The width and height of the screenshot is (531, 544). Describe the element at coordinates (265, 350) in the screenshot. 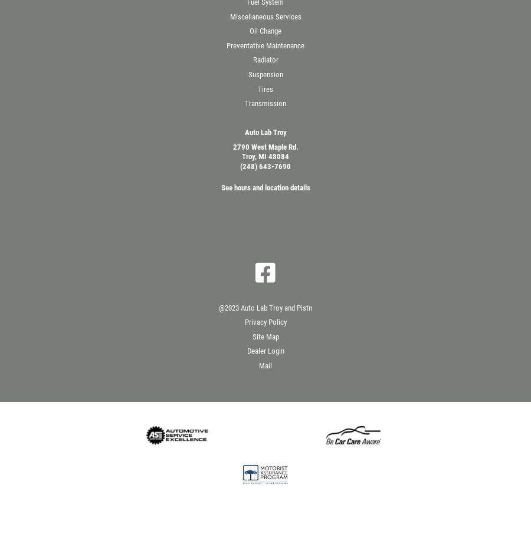

I see `'Dealer Login'` at that location.